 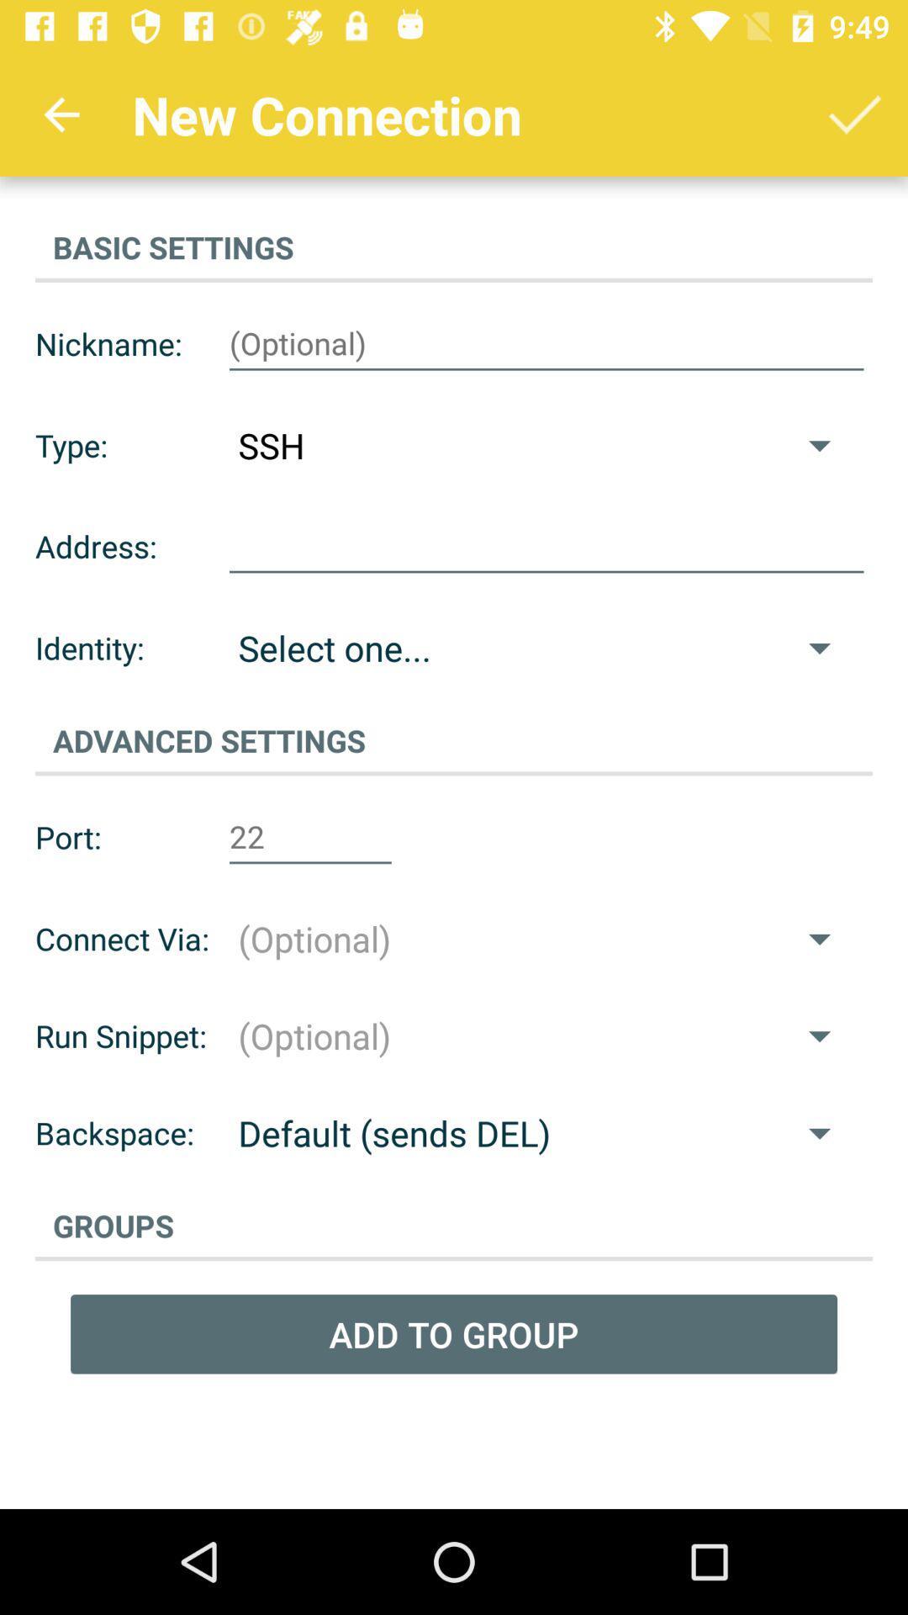 I want to click on open text box, so click(x=546, y=546).